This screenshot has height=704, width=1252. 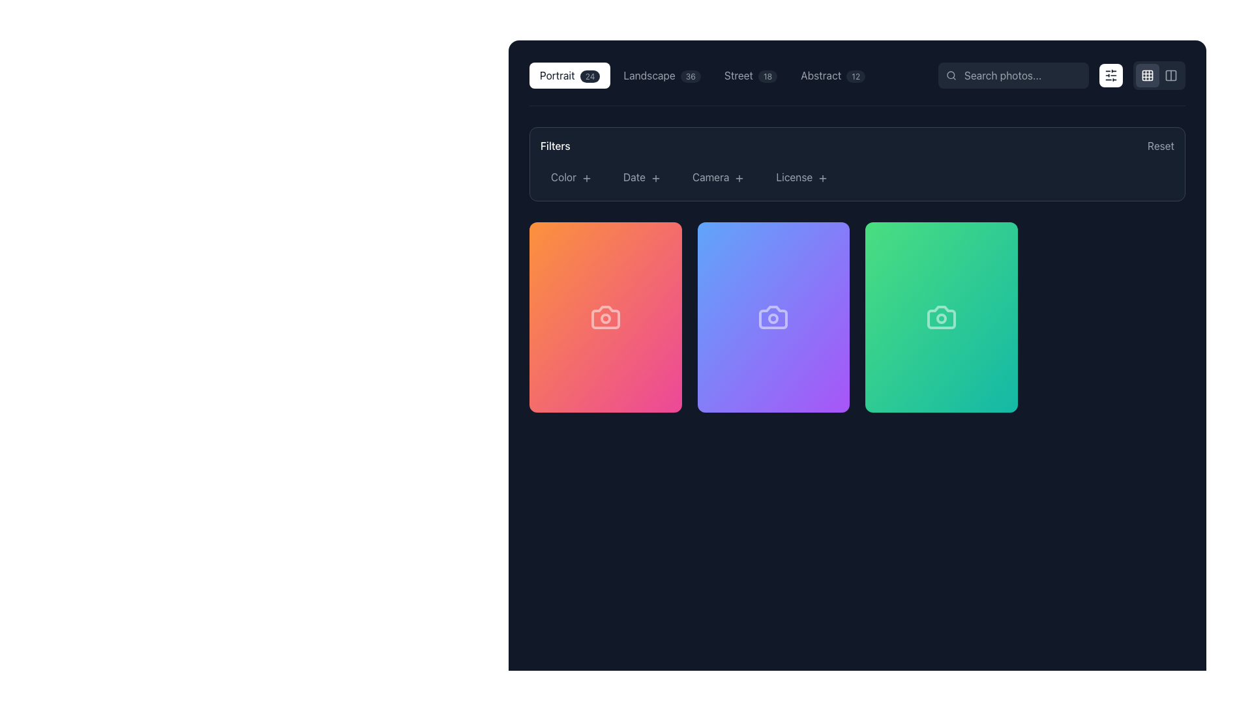 I want to click on the plus icon located to the right of the 'Color' label text, so click(x=586, y=178).